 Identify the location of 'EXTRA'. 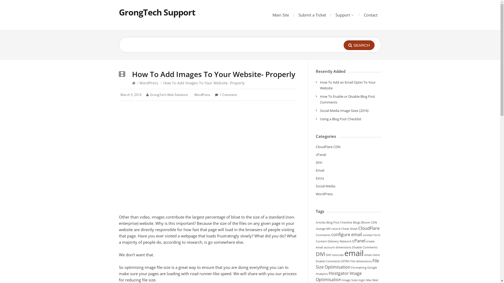
(345, 261).